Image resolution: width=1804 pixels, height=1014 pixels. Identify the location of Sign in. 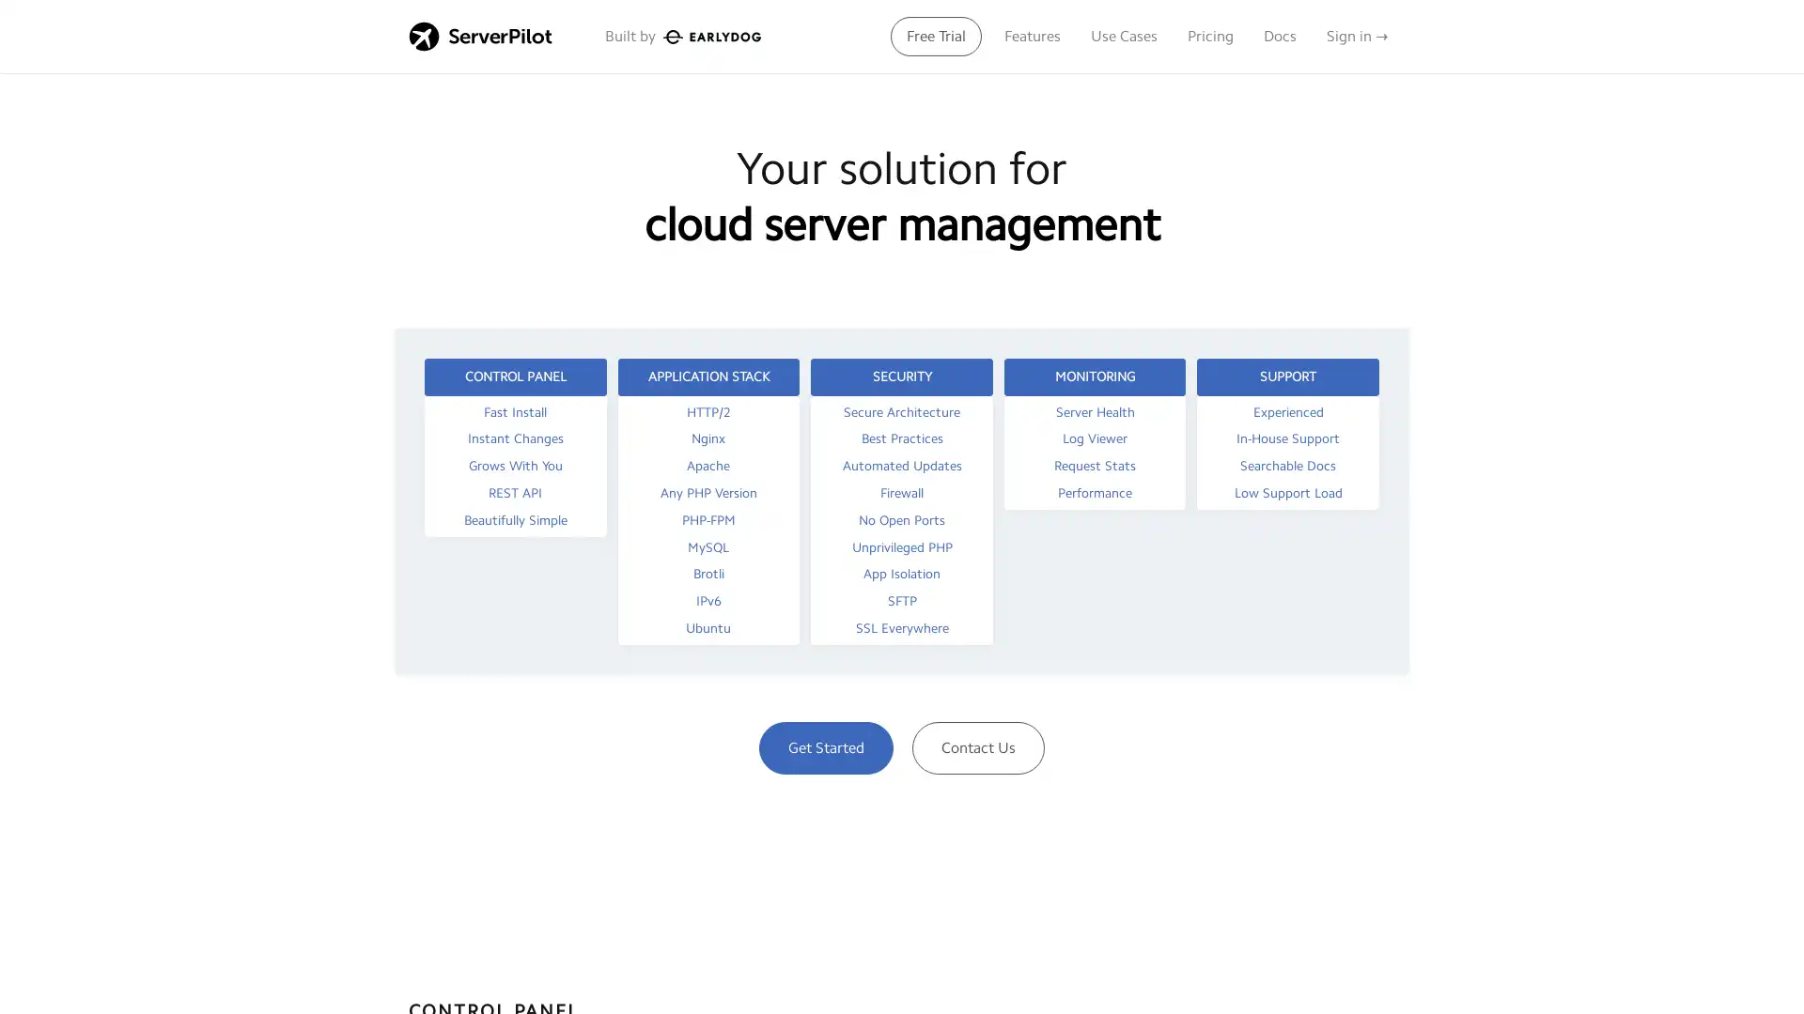
(1357, 36).